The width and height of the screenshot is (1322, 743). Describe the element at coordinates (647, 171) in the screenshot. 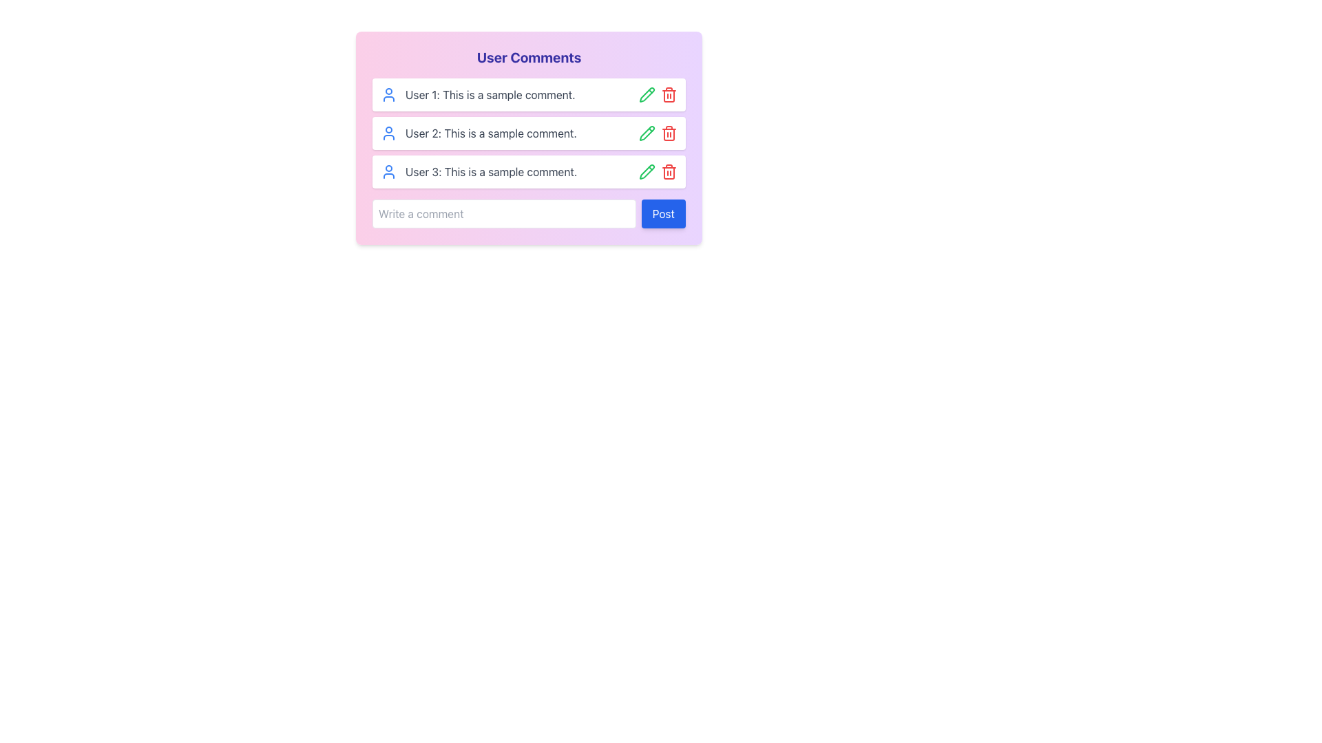

I see `the pencil icon button, which indicates edit functionality for the third user comment under 'User 3: This is a sample comment.'` at that location.